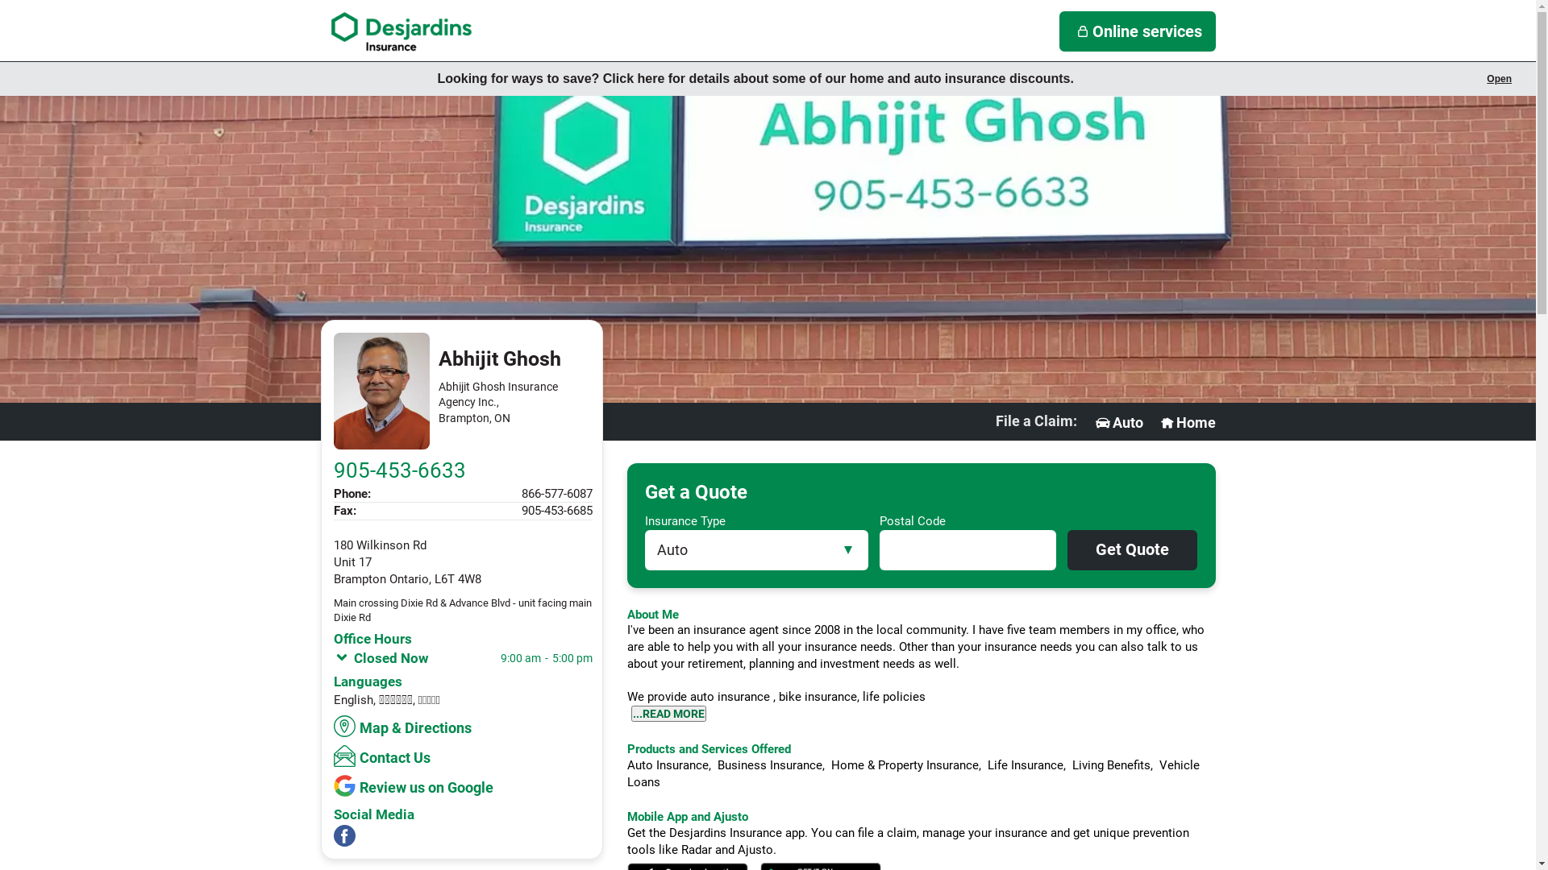  I want to click on 'Contact Us', so click(383, 756).